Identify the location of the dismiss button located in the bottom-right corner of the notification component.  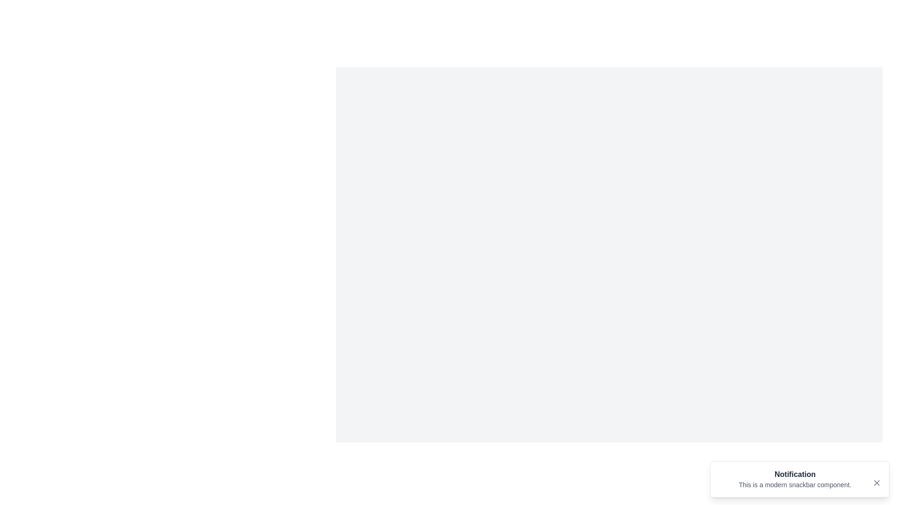
(876, 483).